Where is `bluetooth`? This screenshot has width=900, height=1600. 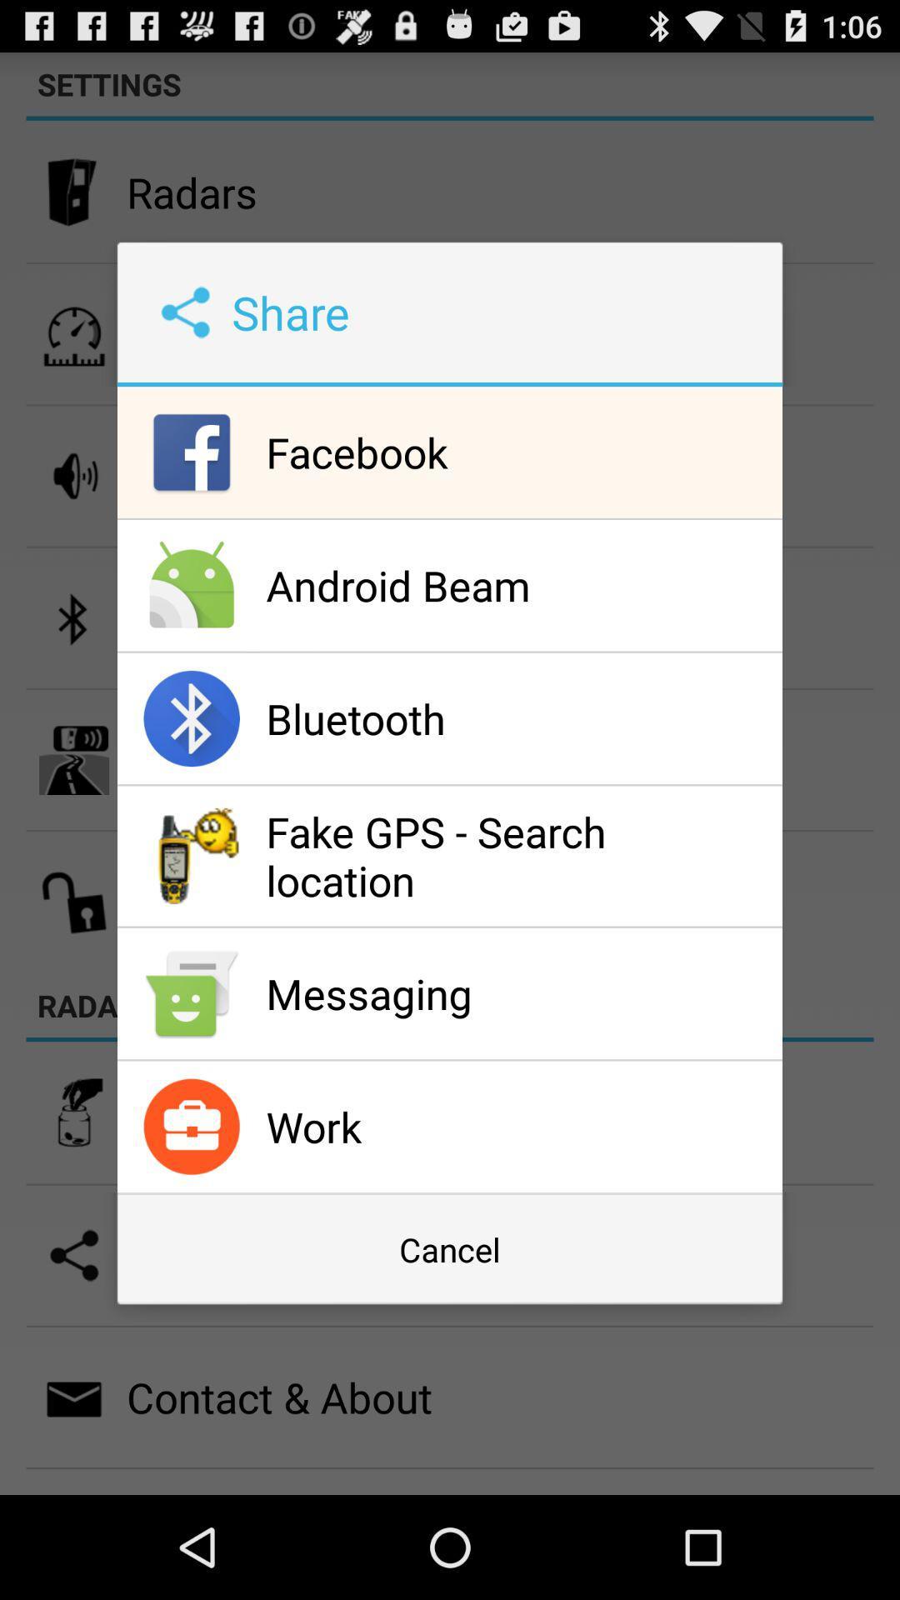
bluetooth is located at coordinates (519, 718).